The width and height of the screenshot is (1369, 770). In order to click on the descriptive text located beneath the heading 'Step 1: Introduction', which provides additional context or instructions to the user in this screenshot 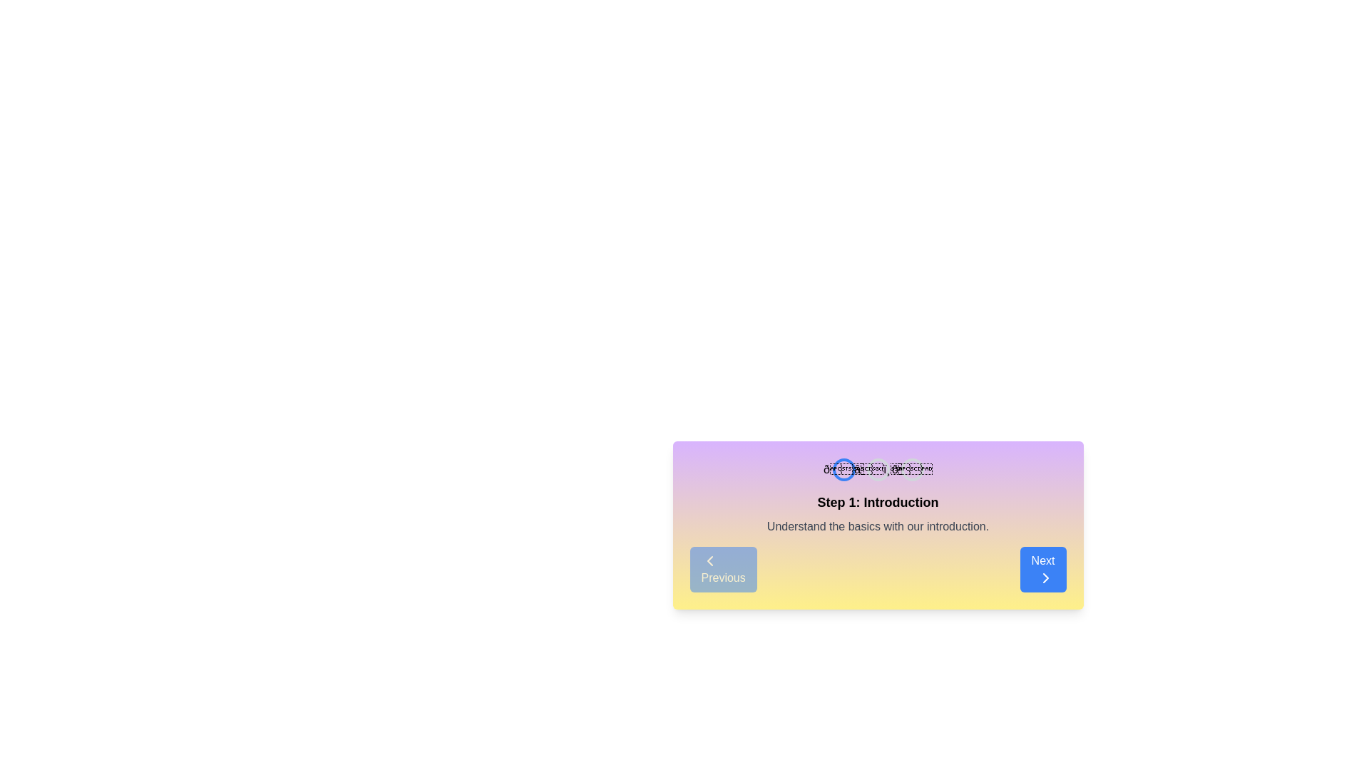, I will do `click(877, 527)`.